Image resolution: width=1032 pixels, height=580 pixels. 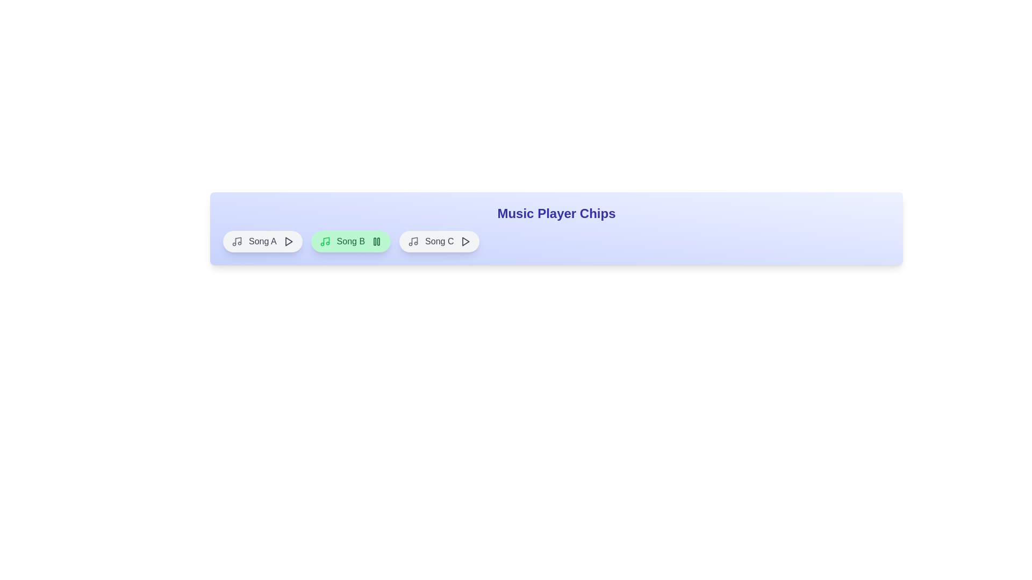 What do you see at coordinates (262, 242) in the screenshot?
I see `the song chip corresponding to Song A to toggle its play/pause state` at bounding box center [262, 242].